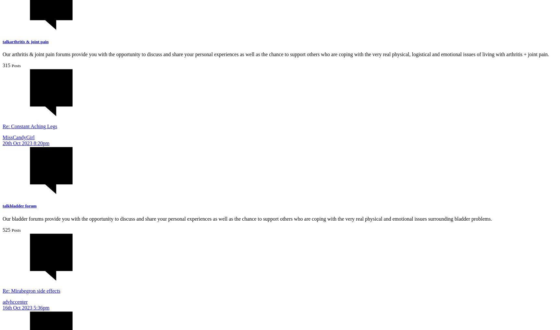 This screenshot has height=330, width=560. I want to click on 'advhccenter', so click(15, 301).